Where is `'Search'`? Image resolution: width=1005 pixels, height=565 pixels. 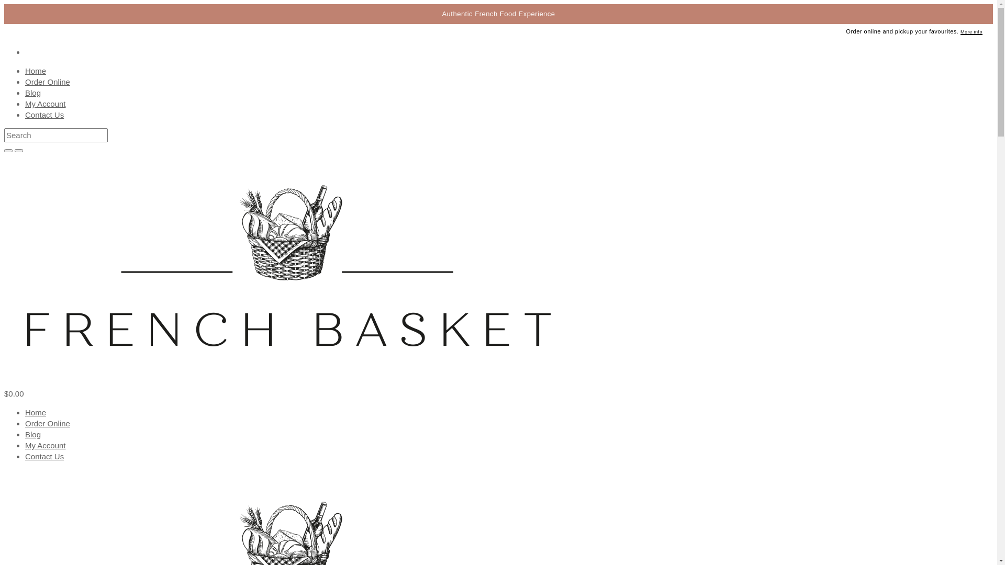 'Search' is located at coordinates (4, 134).